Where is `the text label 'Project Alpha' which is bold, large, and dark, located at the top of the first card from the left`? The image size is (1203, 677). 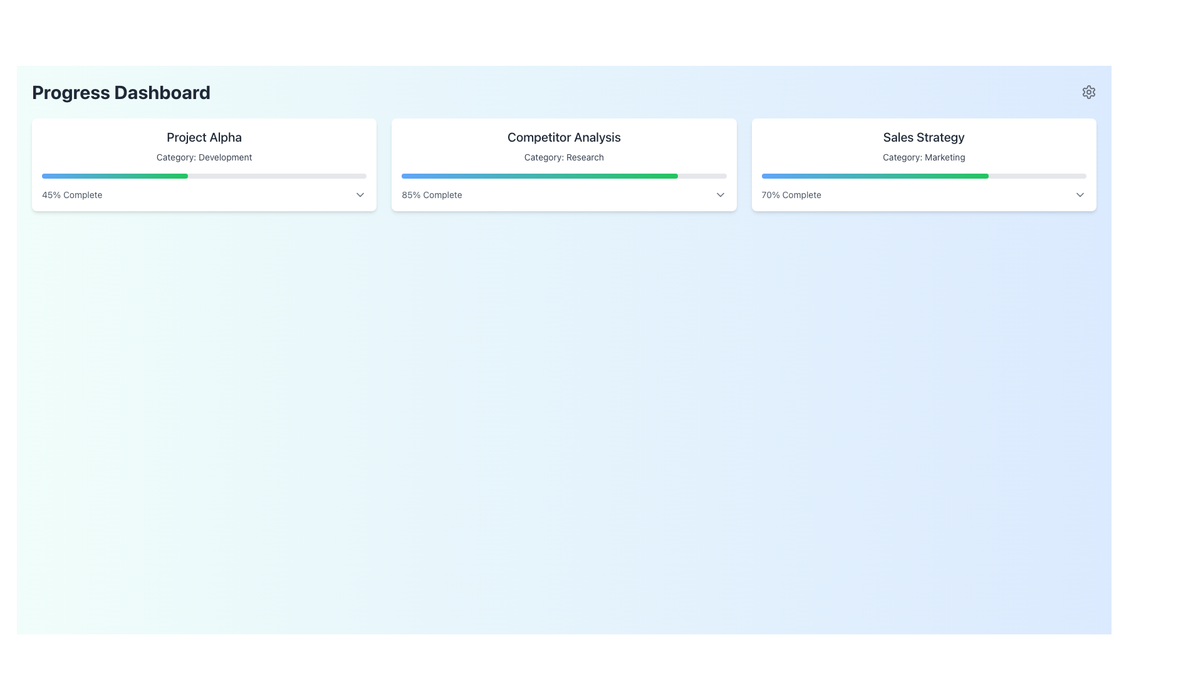 the text label 'Project Alpha' which is bold, large, and dark, located at the top of the first card from the left is located at coordinates (204, 137).